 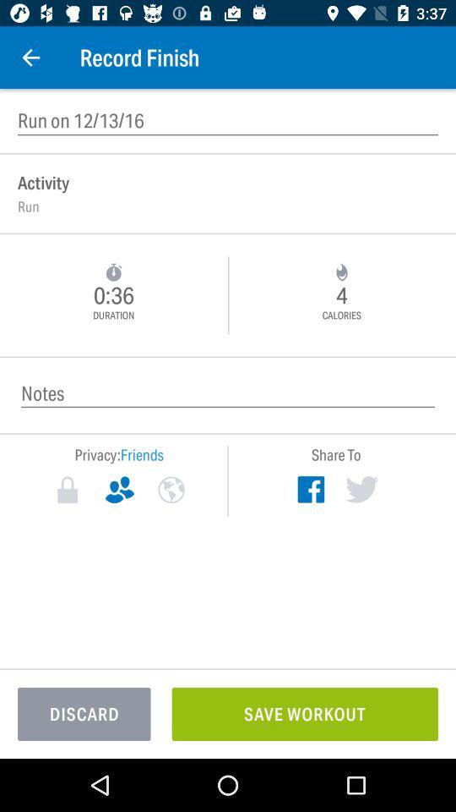 I want to click on icon below share to, so click(x=310, y=489).